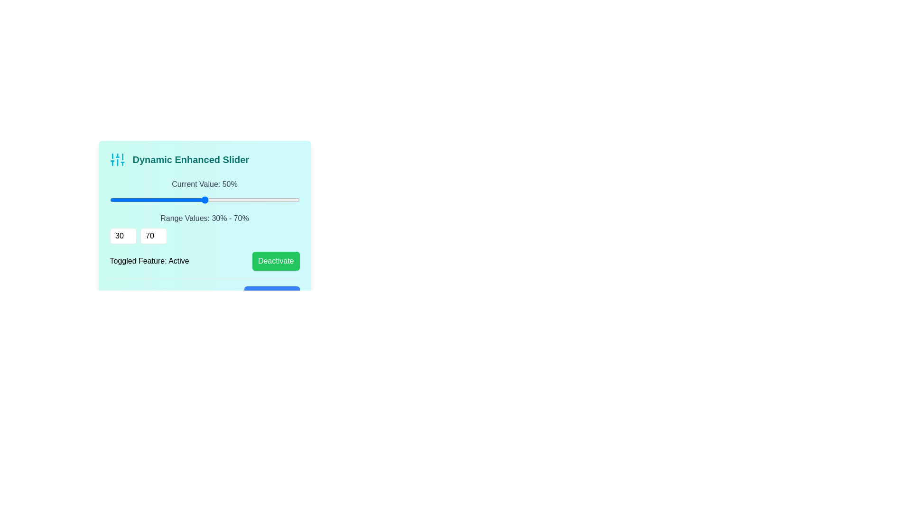 This screenshot has width=911, height=512. Describe the element at coordinates (204, 219) in the screenshot. I see `the static text label that indicates the range values for the slider or numerical inputs, positioned slightly below the blue slider and above the numerical fields labeled '30' and '70'` at that location.